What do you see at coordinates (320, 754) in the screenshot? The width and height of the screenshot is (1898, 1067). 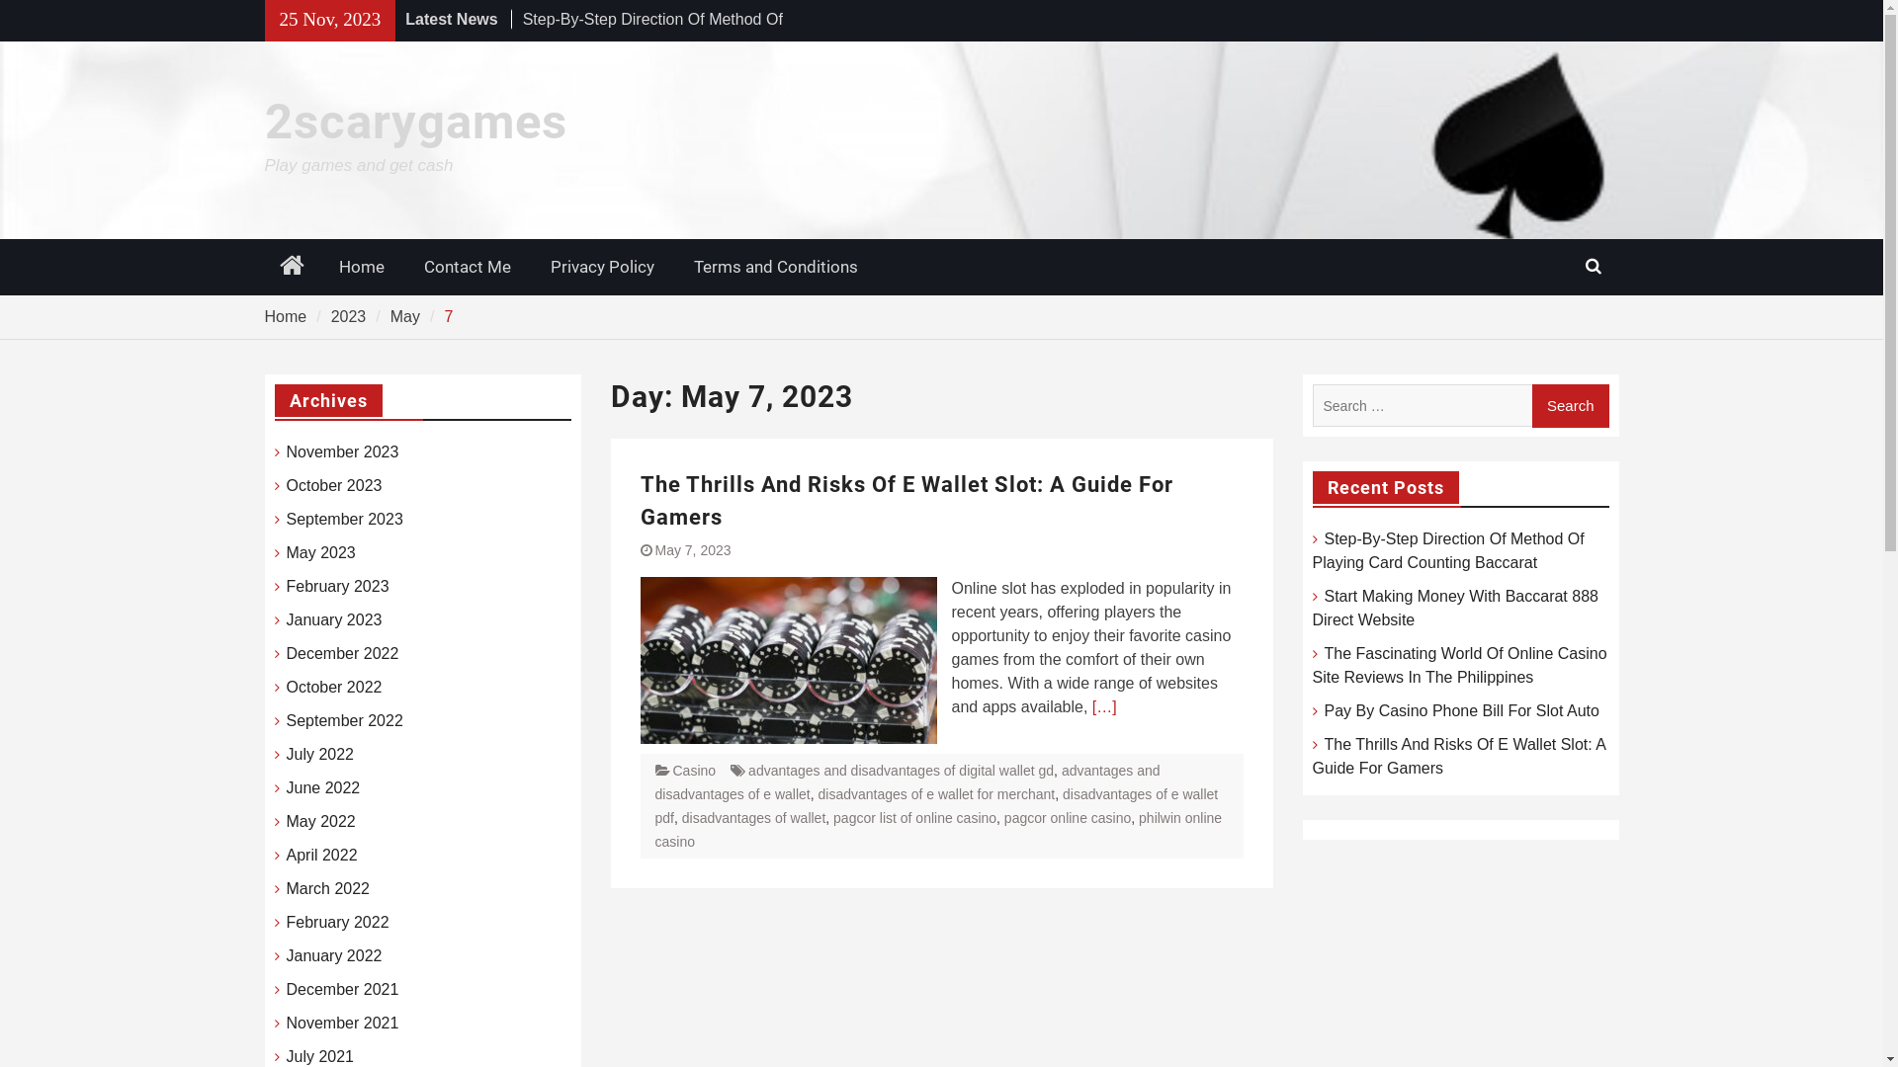 I see `'July 2022'` at bounding box center [320, 754].